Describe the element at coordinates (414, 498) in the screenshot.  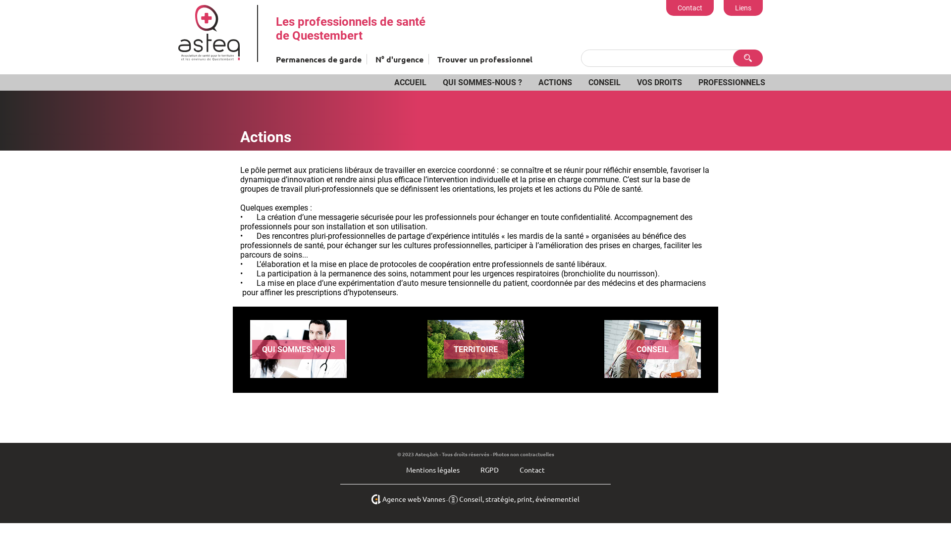
I see `'Agence web Vannes'` at that location.